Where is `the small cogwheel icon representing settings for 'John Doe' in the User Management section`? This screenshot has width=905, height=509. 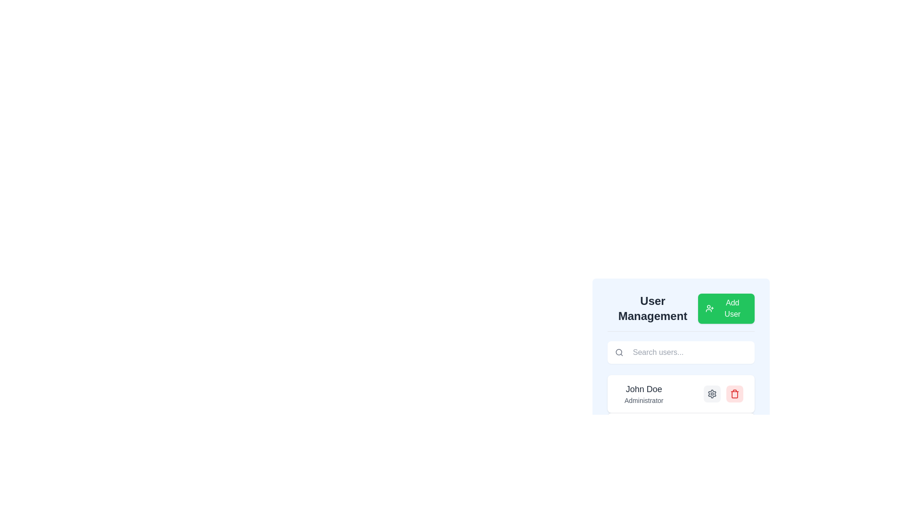
the small cogwheel icon representing settings for 'John Doe' in the User Management section is located at coordinates (712, 394).